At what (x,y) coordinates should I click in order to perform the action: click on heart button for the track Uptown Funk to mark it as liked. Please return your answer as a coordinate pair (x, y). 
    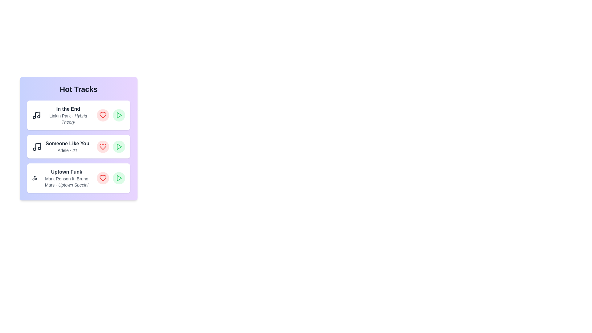
    Looking at the image, I should click on (103, 178).